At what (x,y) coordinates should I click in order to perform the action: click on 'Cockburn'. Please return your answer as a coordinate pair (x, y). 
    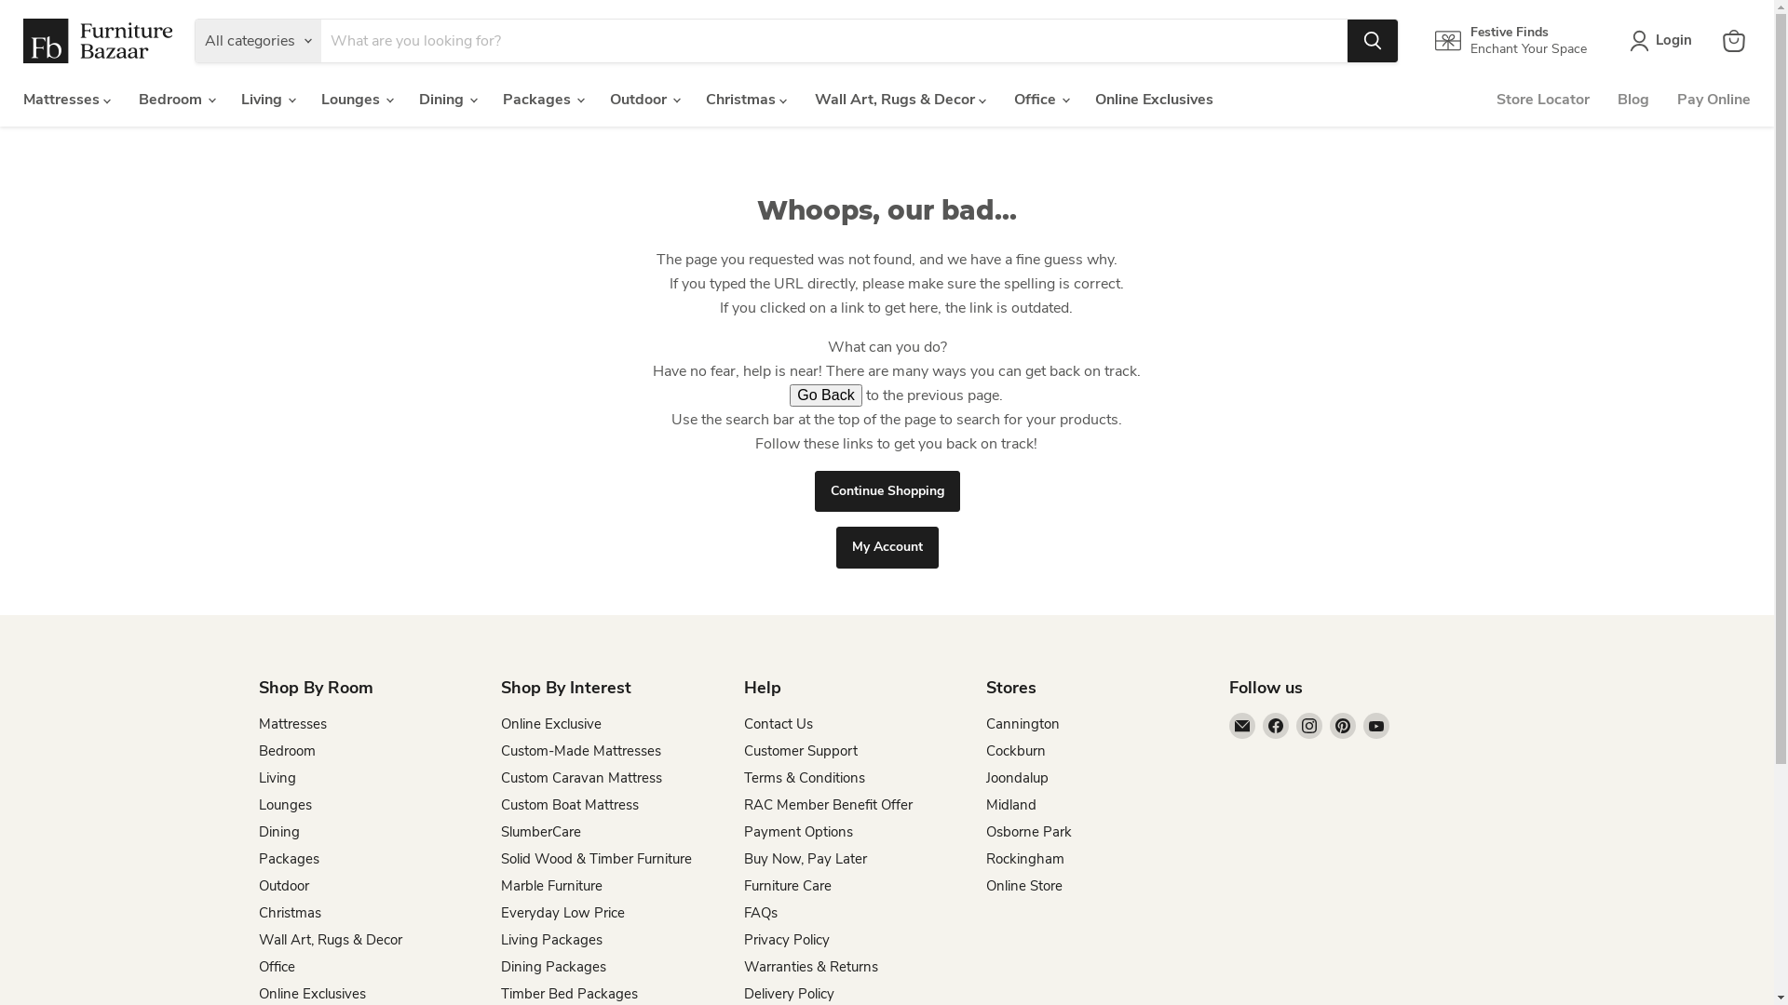
    Looking at the image, I should click on (1014, 749).